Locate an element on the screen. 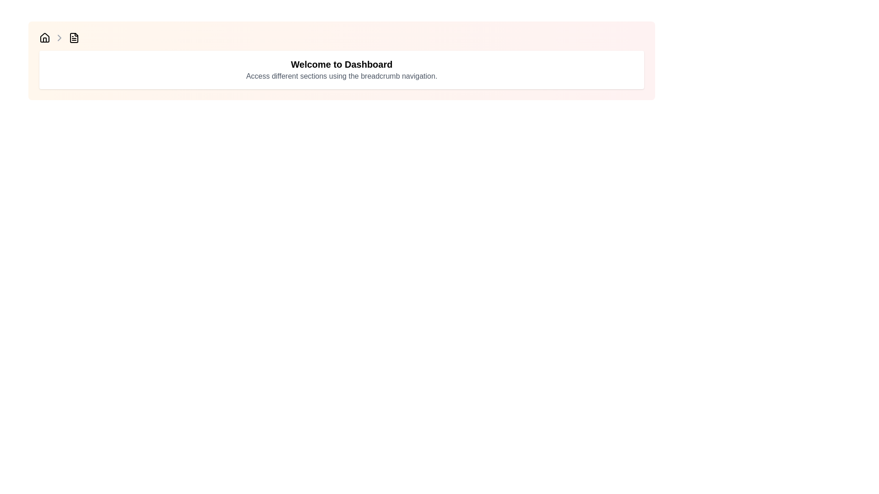  the introductory text block that provides navigation instructions, located just below the breadcrumb navigation bar is located at coordinates (341, 70).